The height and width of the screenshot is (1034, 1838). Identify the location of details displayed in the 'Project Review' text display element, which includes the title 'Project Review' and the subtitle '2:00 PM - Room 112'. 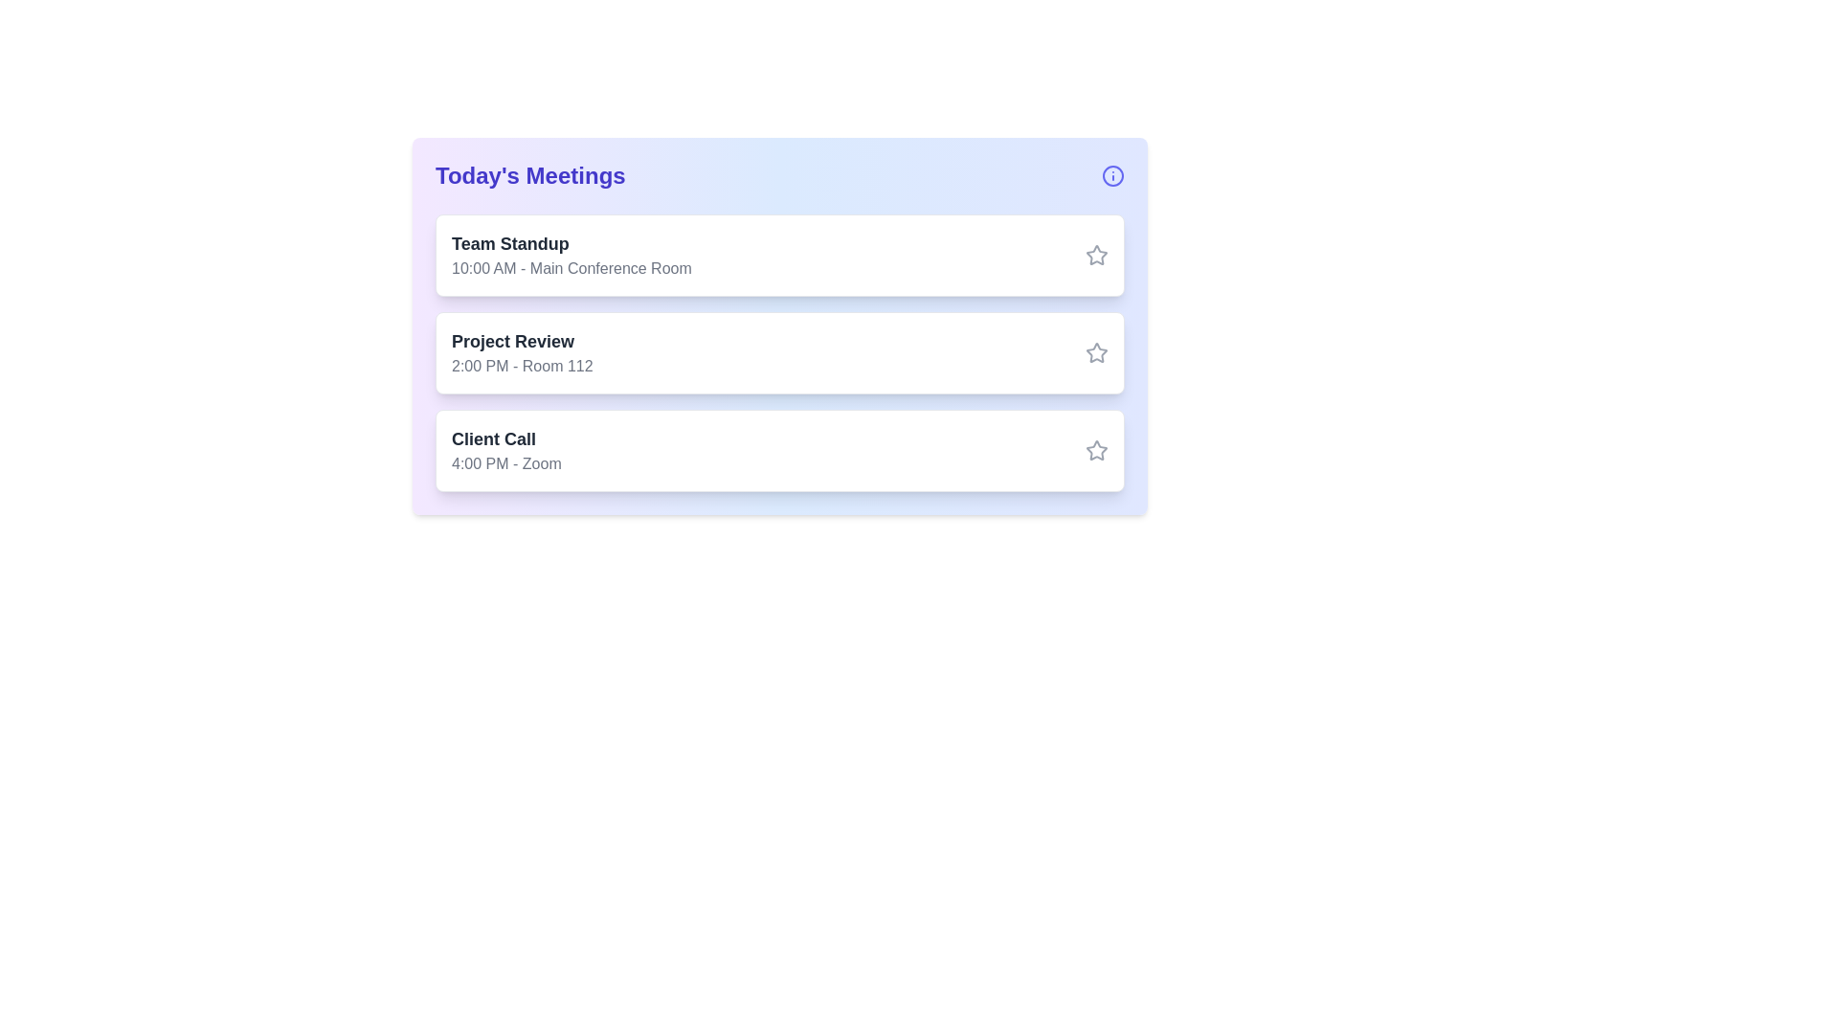
(522, 353).